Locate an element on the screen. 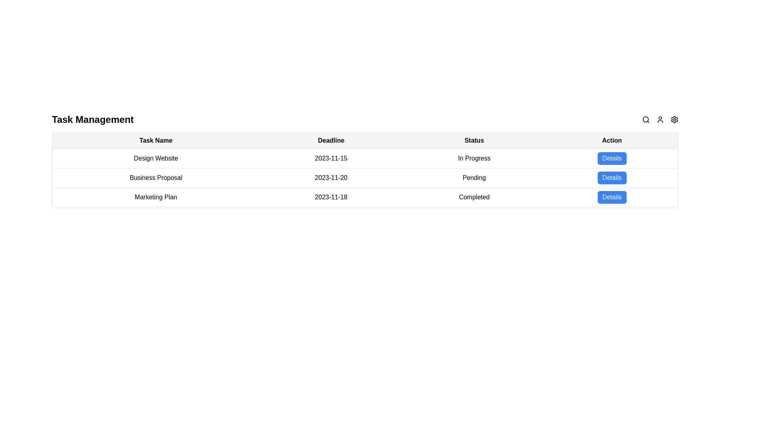 The width and height of the screenshot is (761, 428). the button in the 'Action' column of the table row for the 'Business Proposal' task is located at coordinates (612, 177).